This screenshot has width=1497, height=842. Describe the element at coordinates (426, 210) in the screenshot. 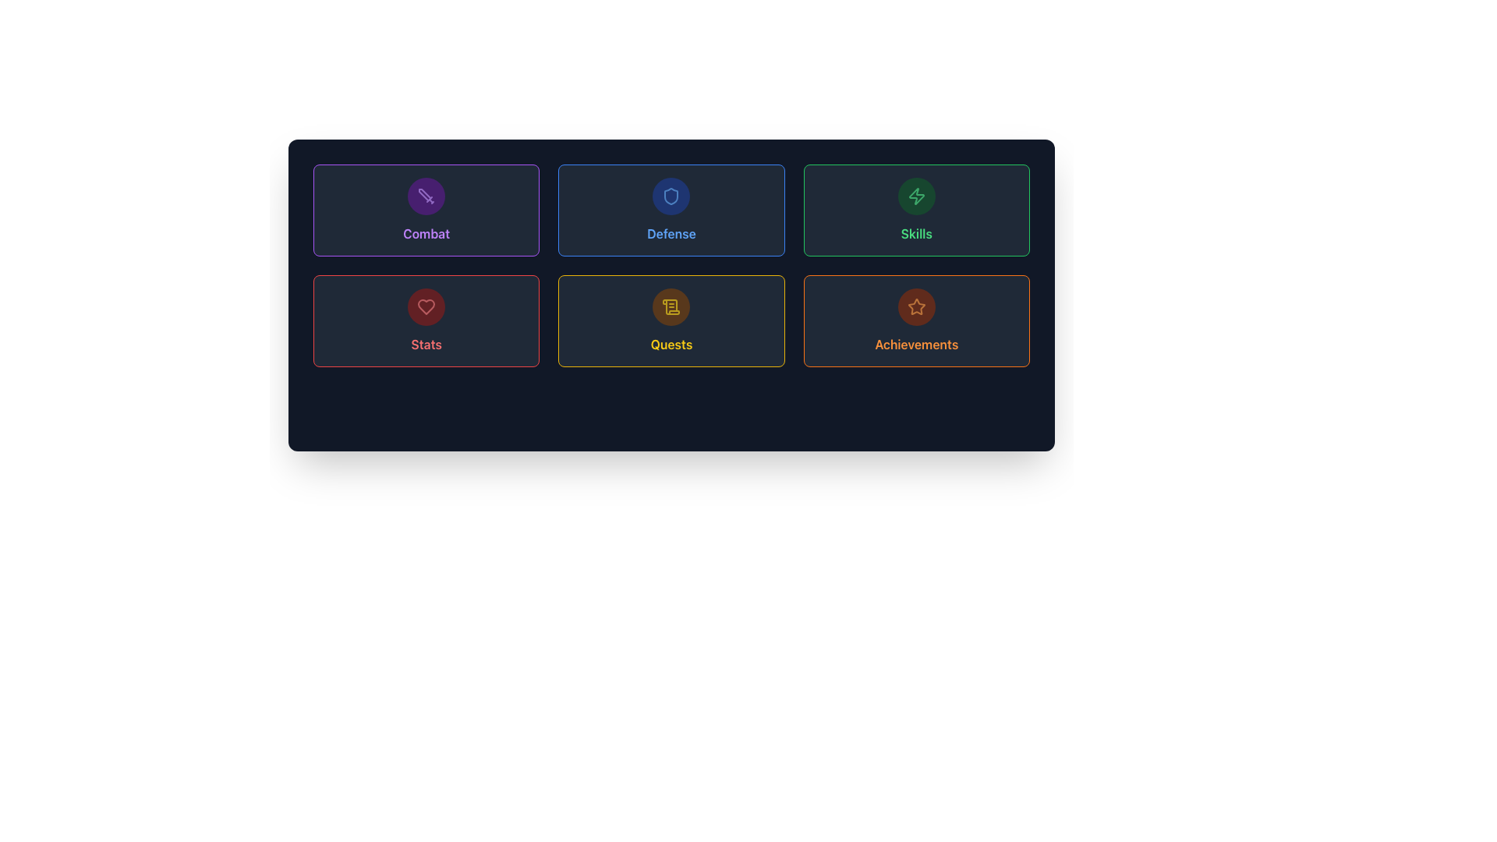

I see `the 'Combat' clickable card located in the top-left corner of the grid` at that location.